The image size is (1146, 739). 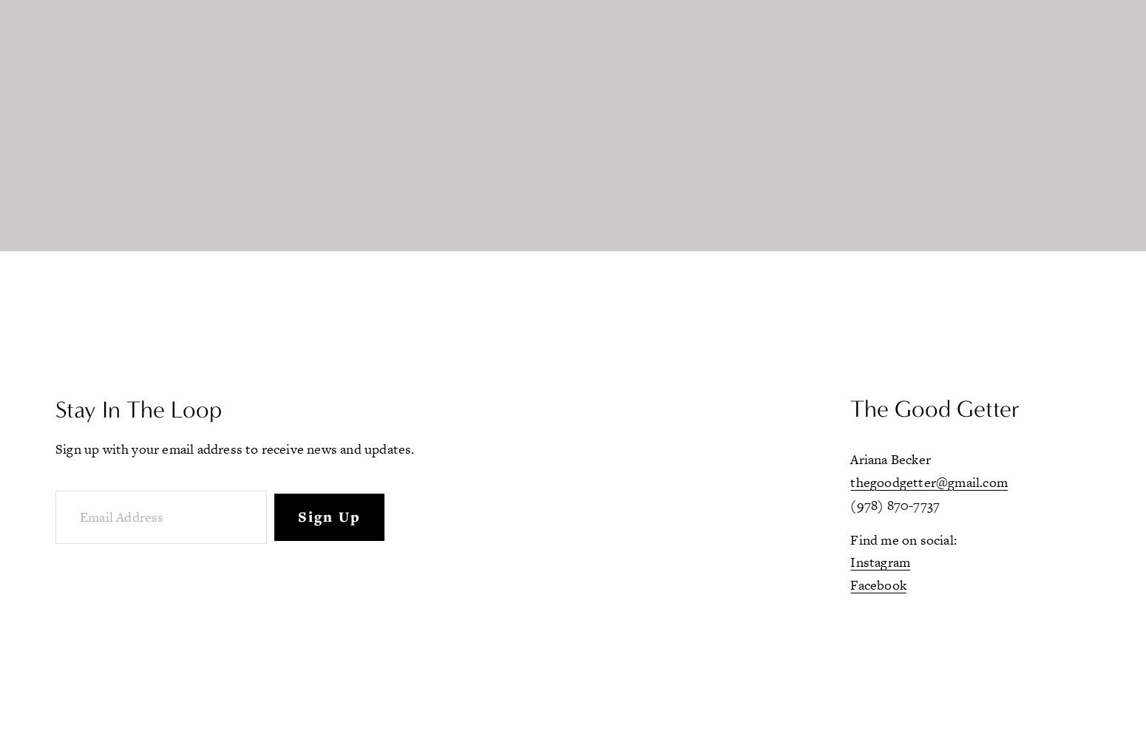 I want to click on 'thegoodgetter@gmail.com', so click(x=849, y=482).